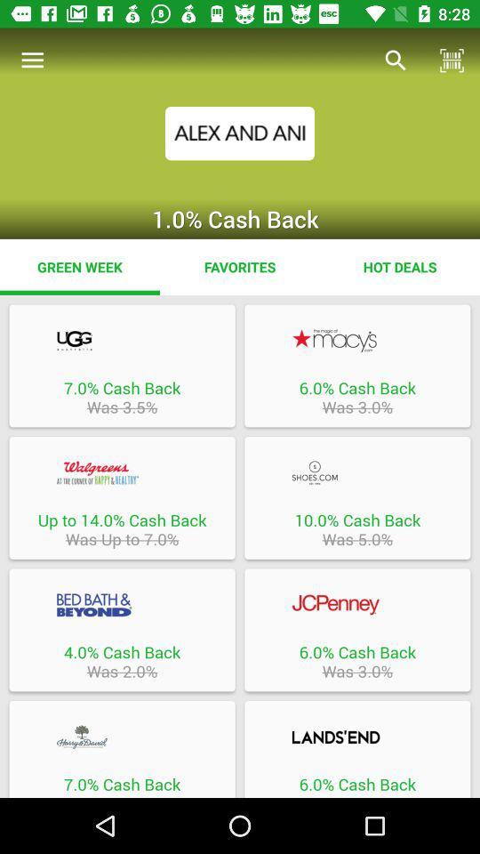 The height and width of the screenshot is (854, 480). What do you see at coordinates (357, 605) in the screenshot?
I see `jcpenny` at bounding box center [357, 605].